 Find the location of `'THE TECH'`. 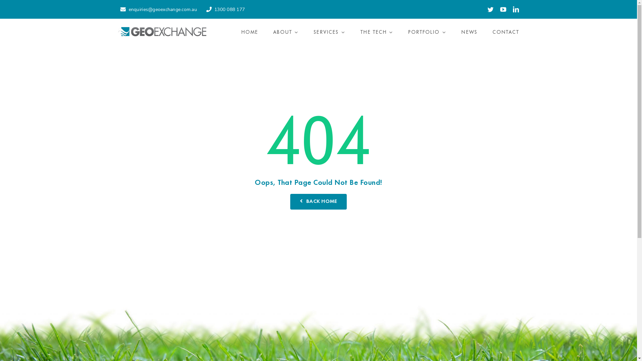

'THE TECH' is located at coordinates (377, 32).